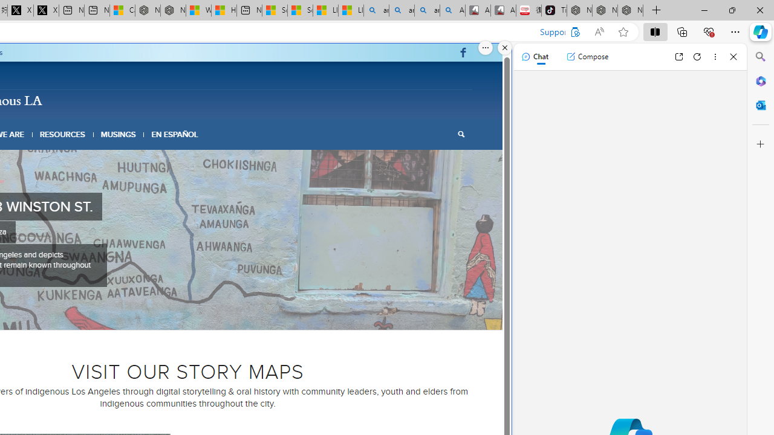 The image size is (774, 435). I want to click on 'Microsoft 365', so click(760, 80).